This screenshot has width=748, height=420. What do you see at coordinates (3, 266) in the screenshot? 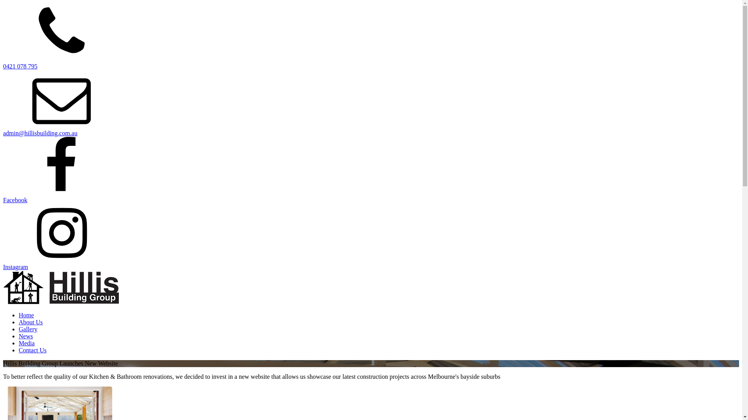
I see `'Instagram'` at bounding box center [3, 266].